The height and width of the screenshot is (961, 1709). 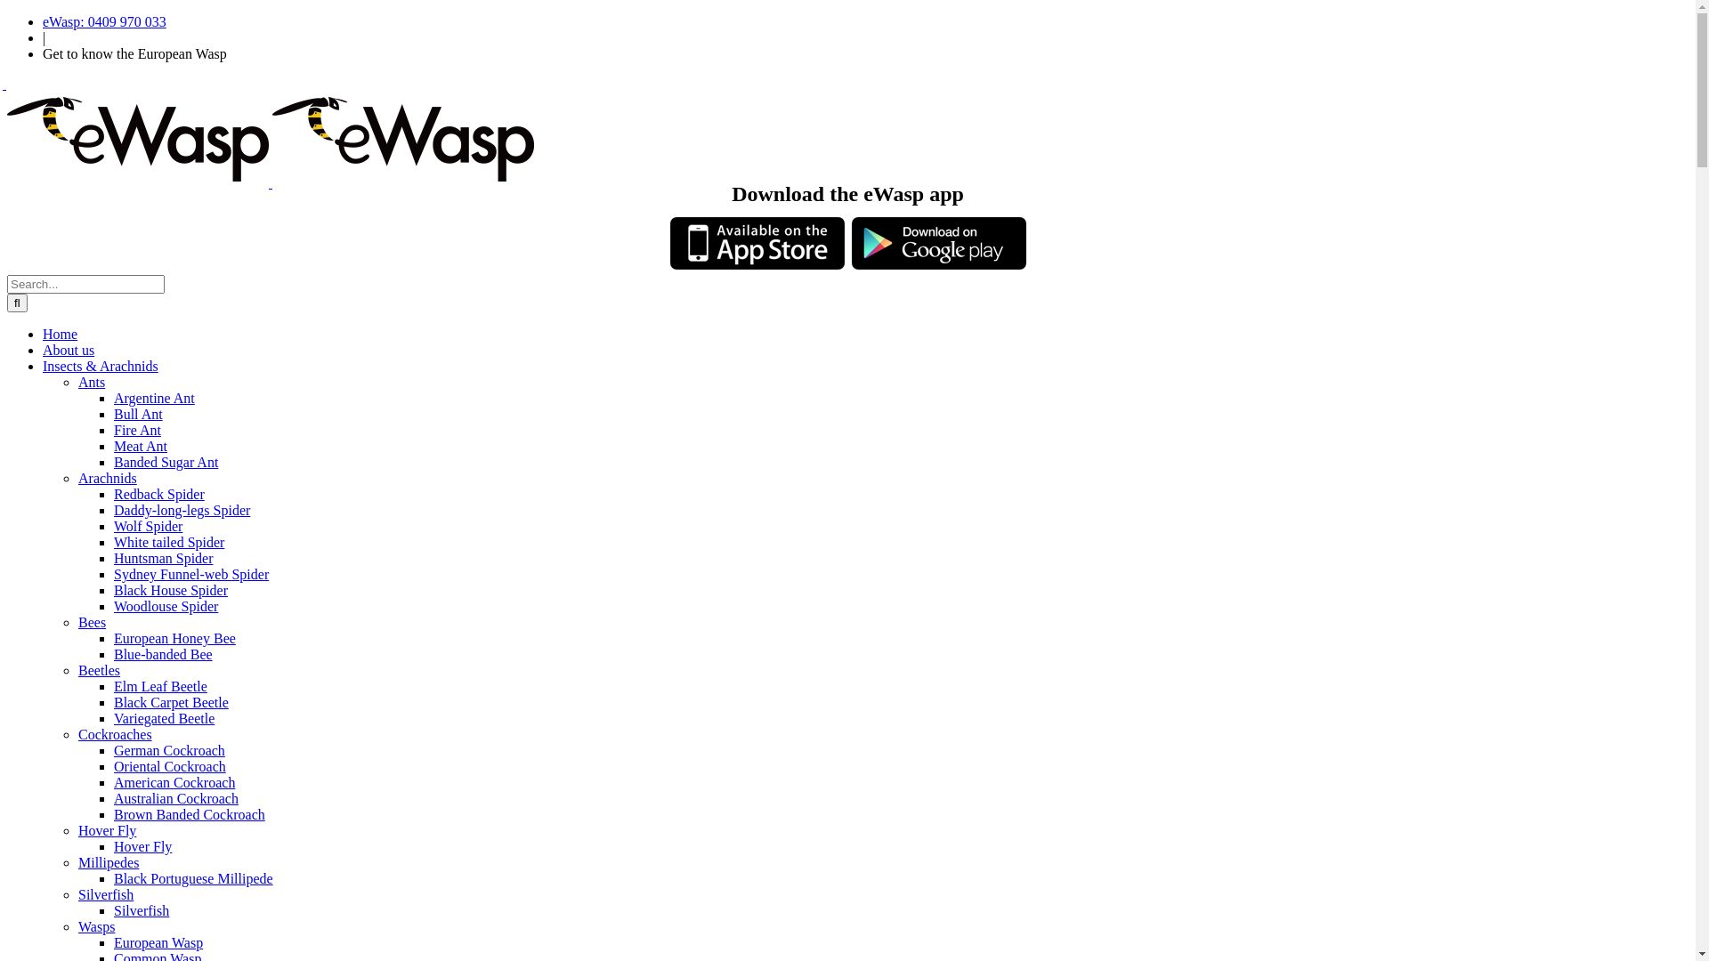 I want to click on 'Black House Spider', so click(x=171, y=590).